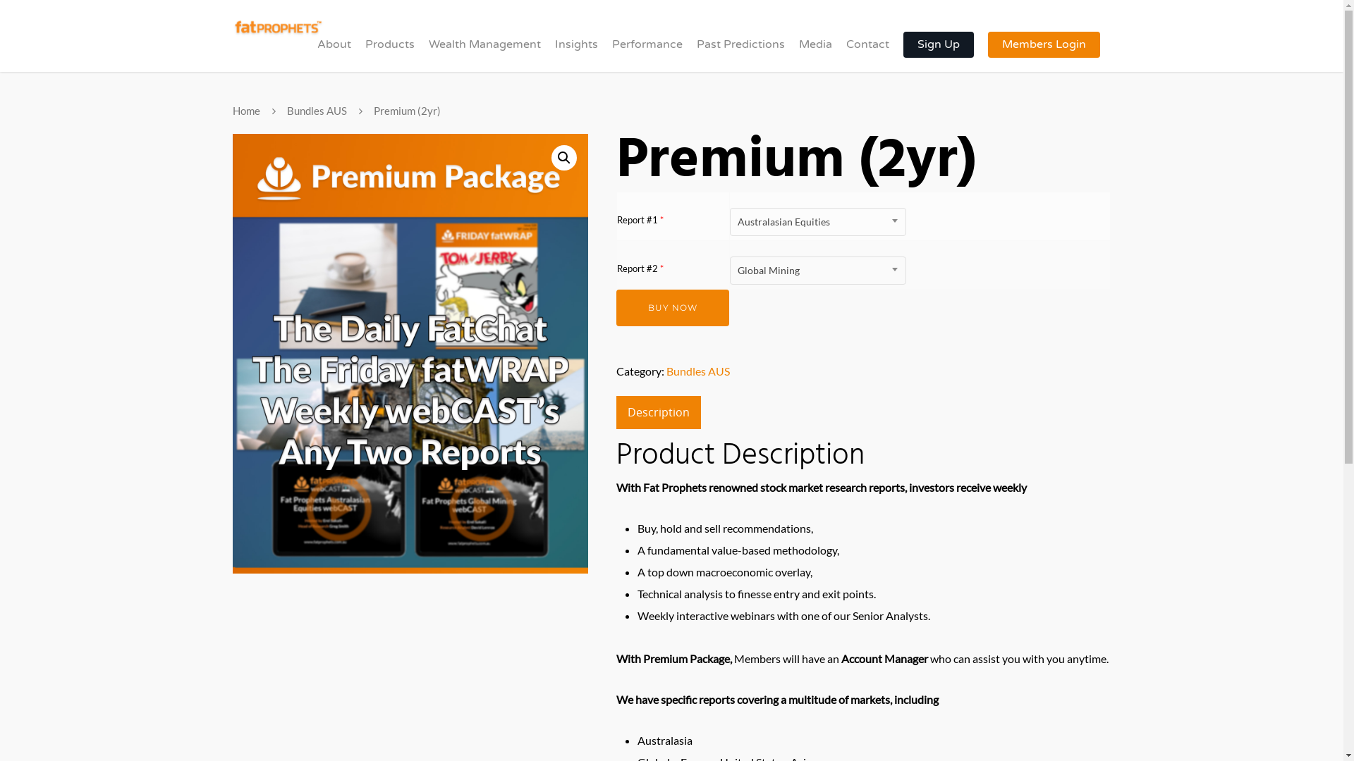  Describe the element at coordinates (867, 54) in the screenshot. I see `'Contact'` at that location.